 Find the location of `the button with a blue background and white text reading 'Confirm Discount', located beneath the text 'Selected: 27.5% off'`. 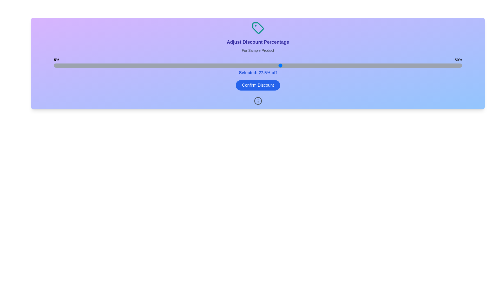

the button with a blue background and white text reading 'Confirm Discount', located beneath the text 'Selected: 27.5% off' is located at coordinates (258, 85).